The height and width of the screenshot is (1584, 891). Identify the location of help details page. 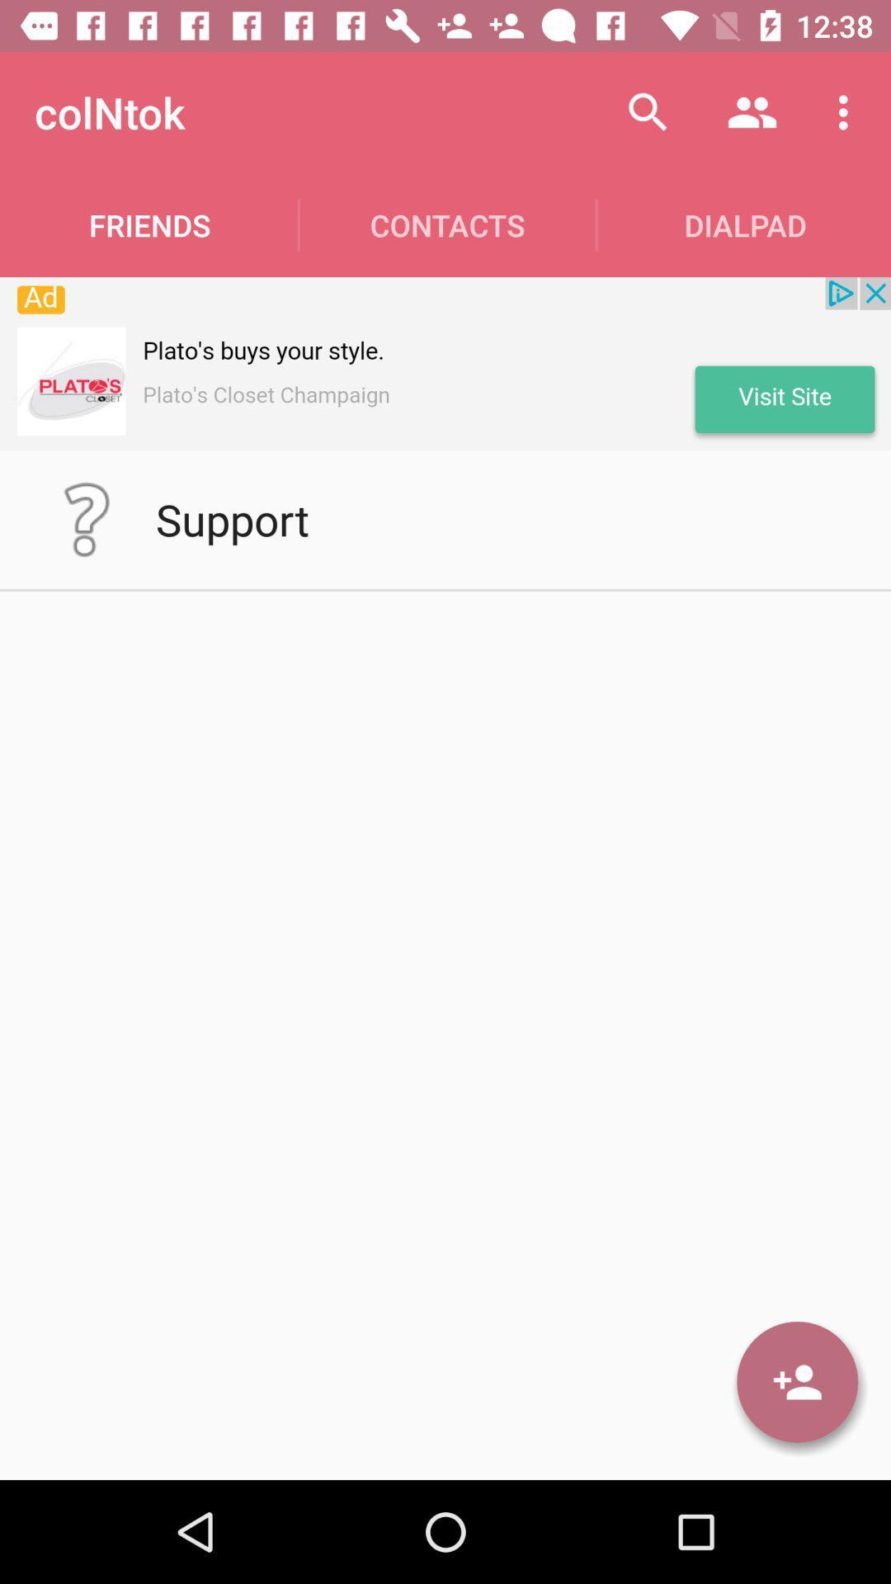
(86, 518).